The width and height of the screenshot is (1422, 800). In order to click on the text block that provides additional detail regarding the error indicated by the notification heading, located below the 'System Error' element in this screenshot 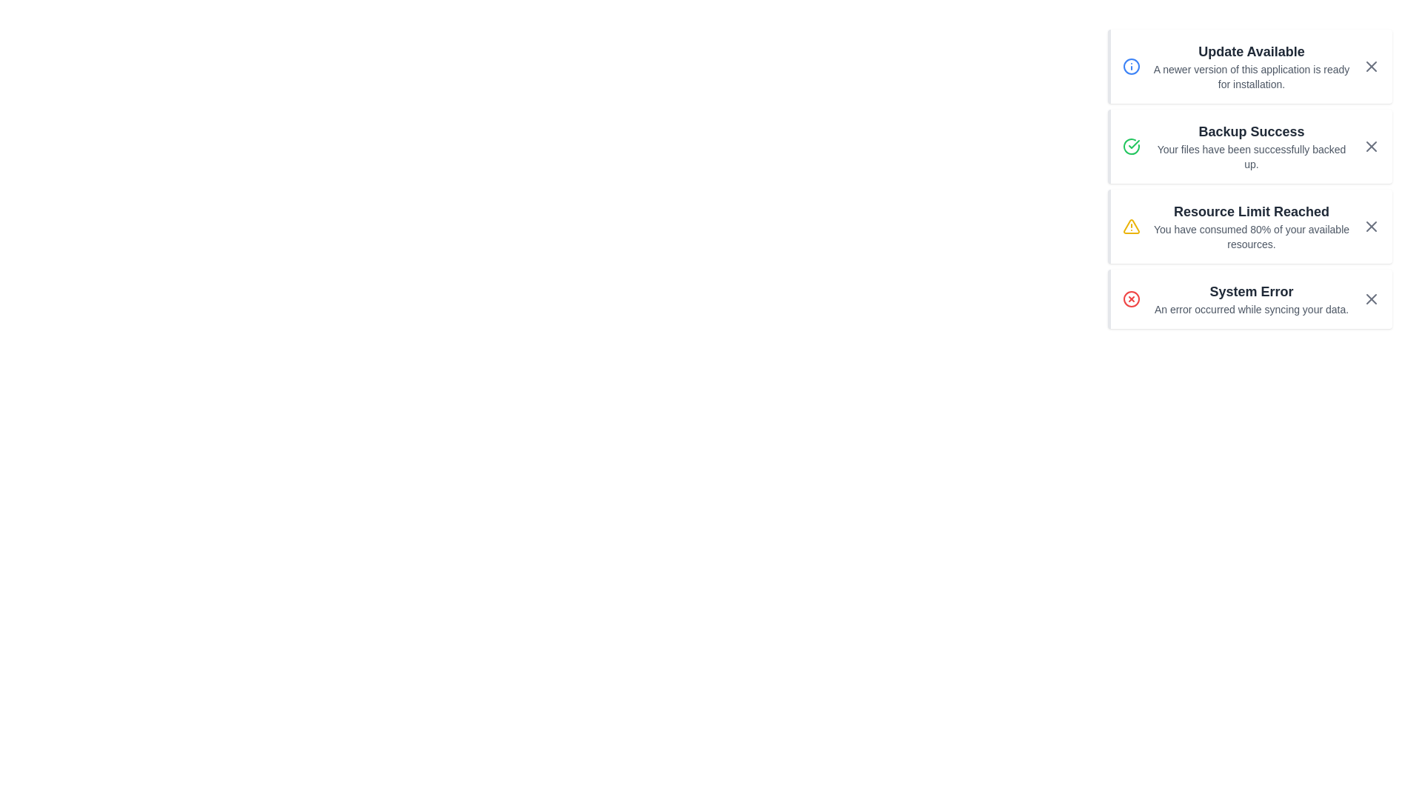, I will do `click(1250, 308)`.